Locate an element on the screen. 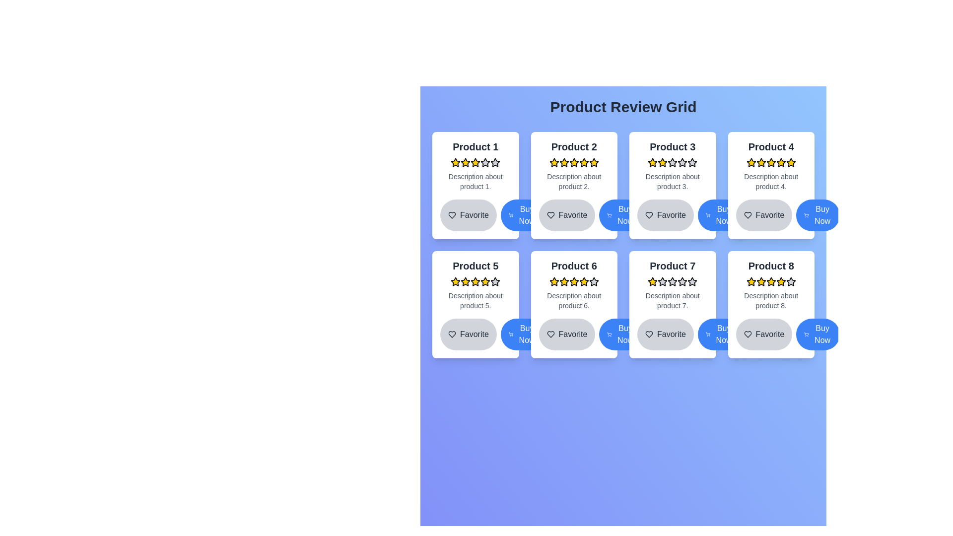 The height and width of the screenshot is (536, 953). the heart icon within the 'Favorite' button located below 'Product 1' is located at coordinates (452, 215).